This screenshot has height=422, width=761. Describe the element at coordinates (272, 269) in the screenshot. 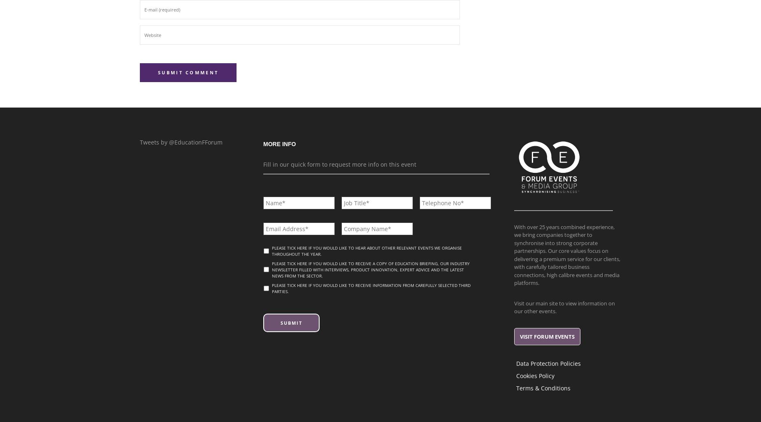

I see `'Please tick here if you would like to receive a copy of Education Briefing, our industry newsletter filled with interviews, product innovation, expert advice and the latest news from the sector.'` at that location.